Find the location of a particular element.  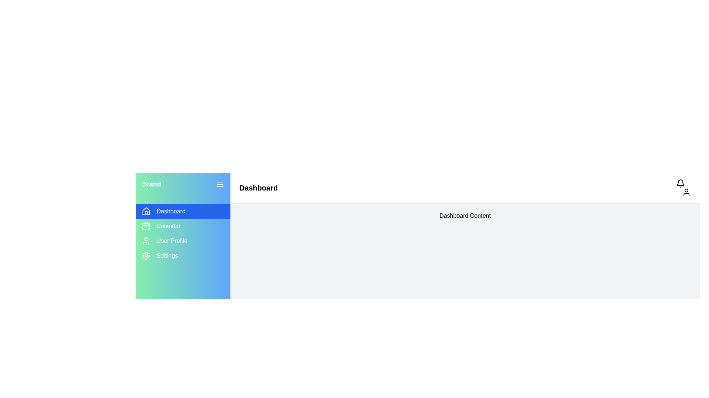

the Icon button displaying a menu symbol, which consists of three horizontal lines stacked vertically is located at coordinates (219, 184).